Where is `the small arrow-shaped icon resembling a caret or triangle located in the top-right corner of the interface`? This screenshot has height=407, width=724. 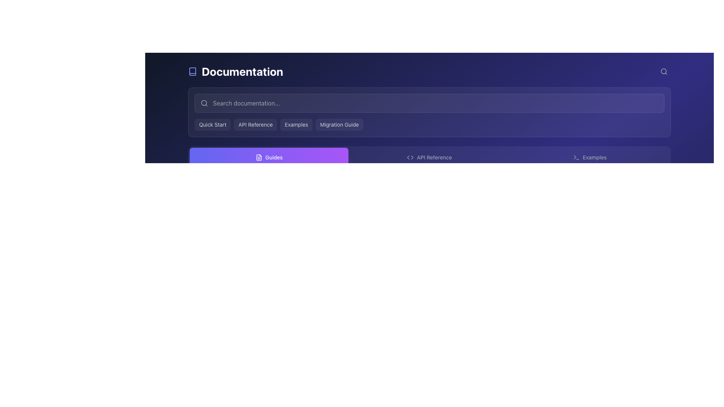
the small arrow-shaped icon resembling a caret or triangle located in the top-right corner of the interface is located at coordinates (574, 157).